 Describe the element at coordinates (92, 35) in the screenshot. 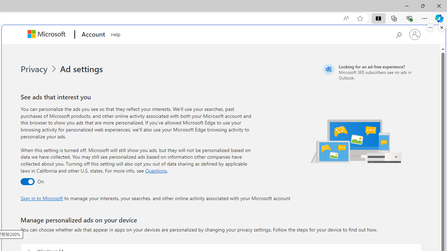

I see `'Account'` at that location.